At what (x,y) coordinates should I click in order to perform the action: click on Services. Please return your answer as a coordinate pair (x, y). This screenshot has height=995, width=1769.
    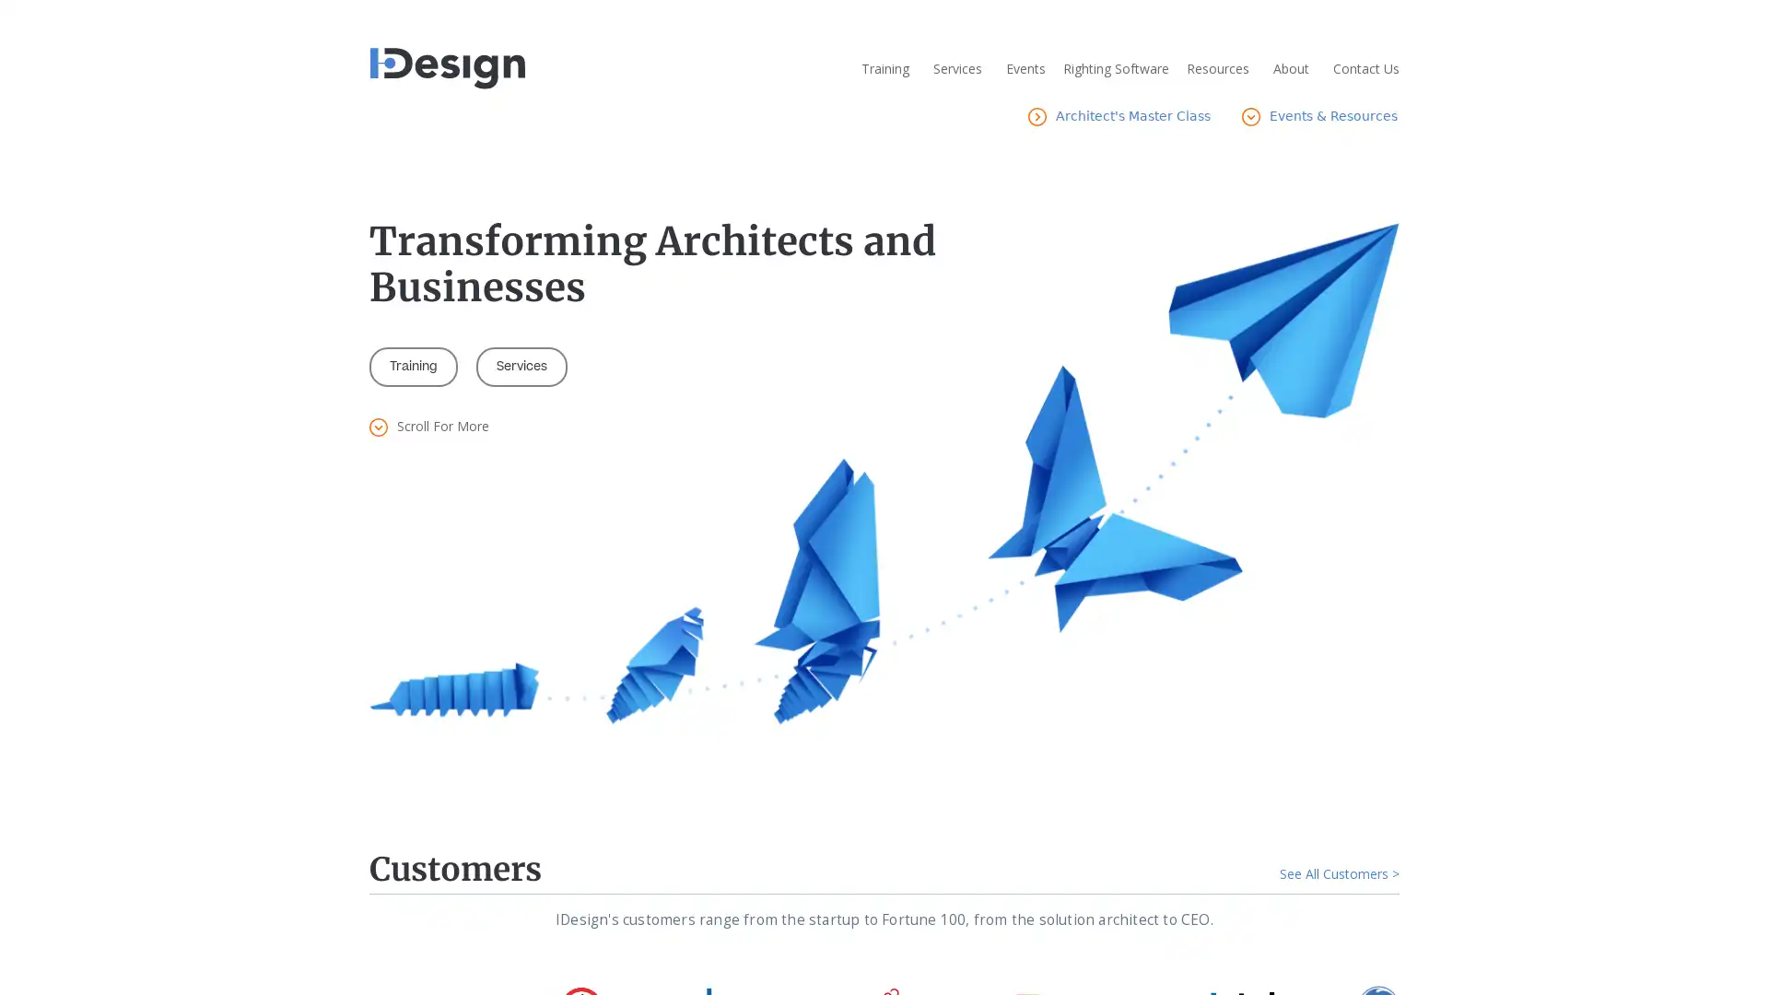
    Looking at the image, I should click on (521, 366).